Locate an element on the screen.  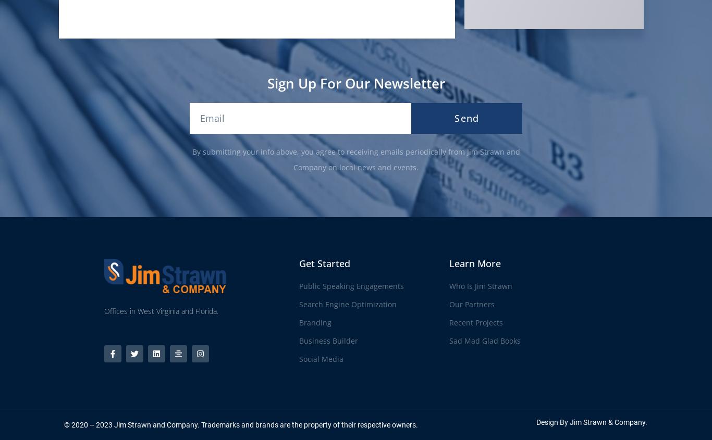
'Public Speaking Engagements' is located at coordinates (350, 285).